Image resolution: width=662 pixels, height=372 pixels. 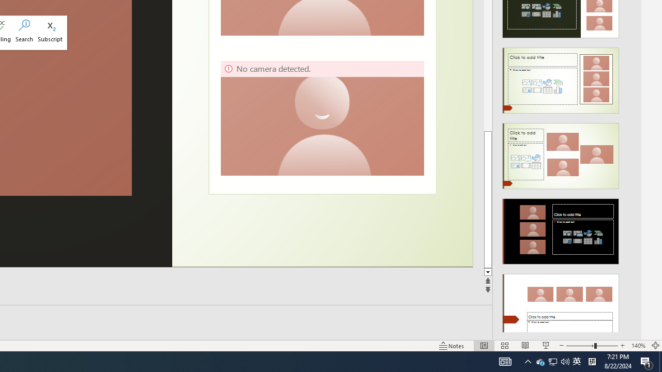 I want to click on 'Reading View', so click(x=525, y=346).